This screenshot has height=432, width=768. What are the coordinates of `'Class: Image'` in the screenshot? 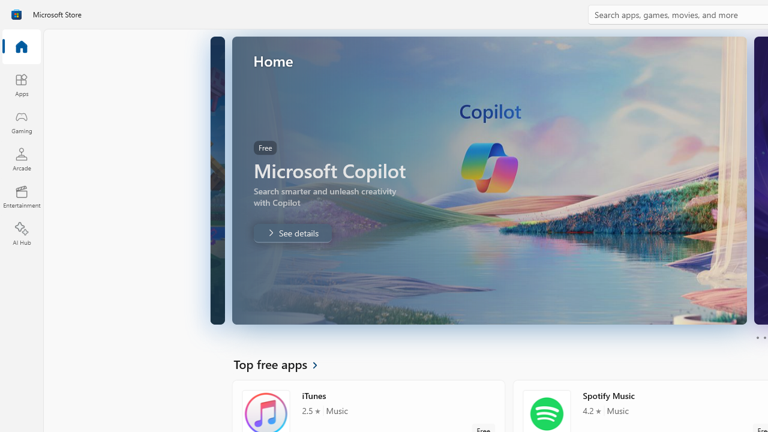 It's located at (16, 14).